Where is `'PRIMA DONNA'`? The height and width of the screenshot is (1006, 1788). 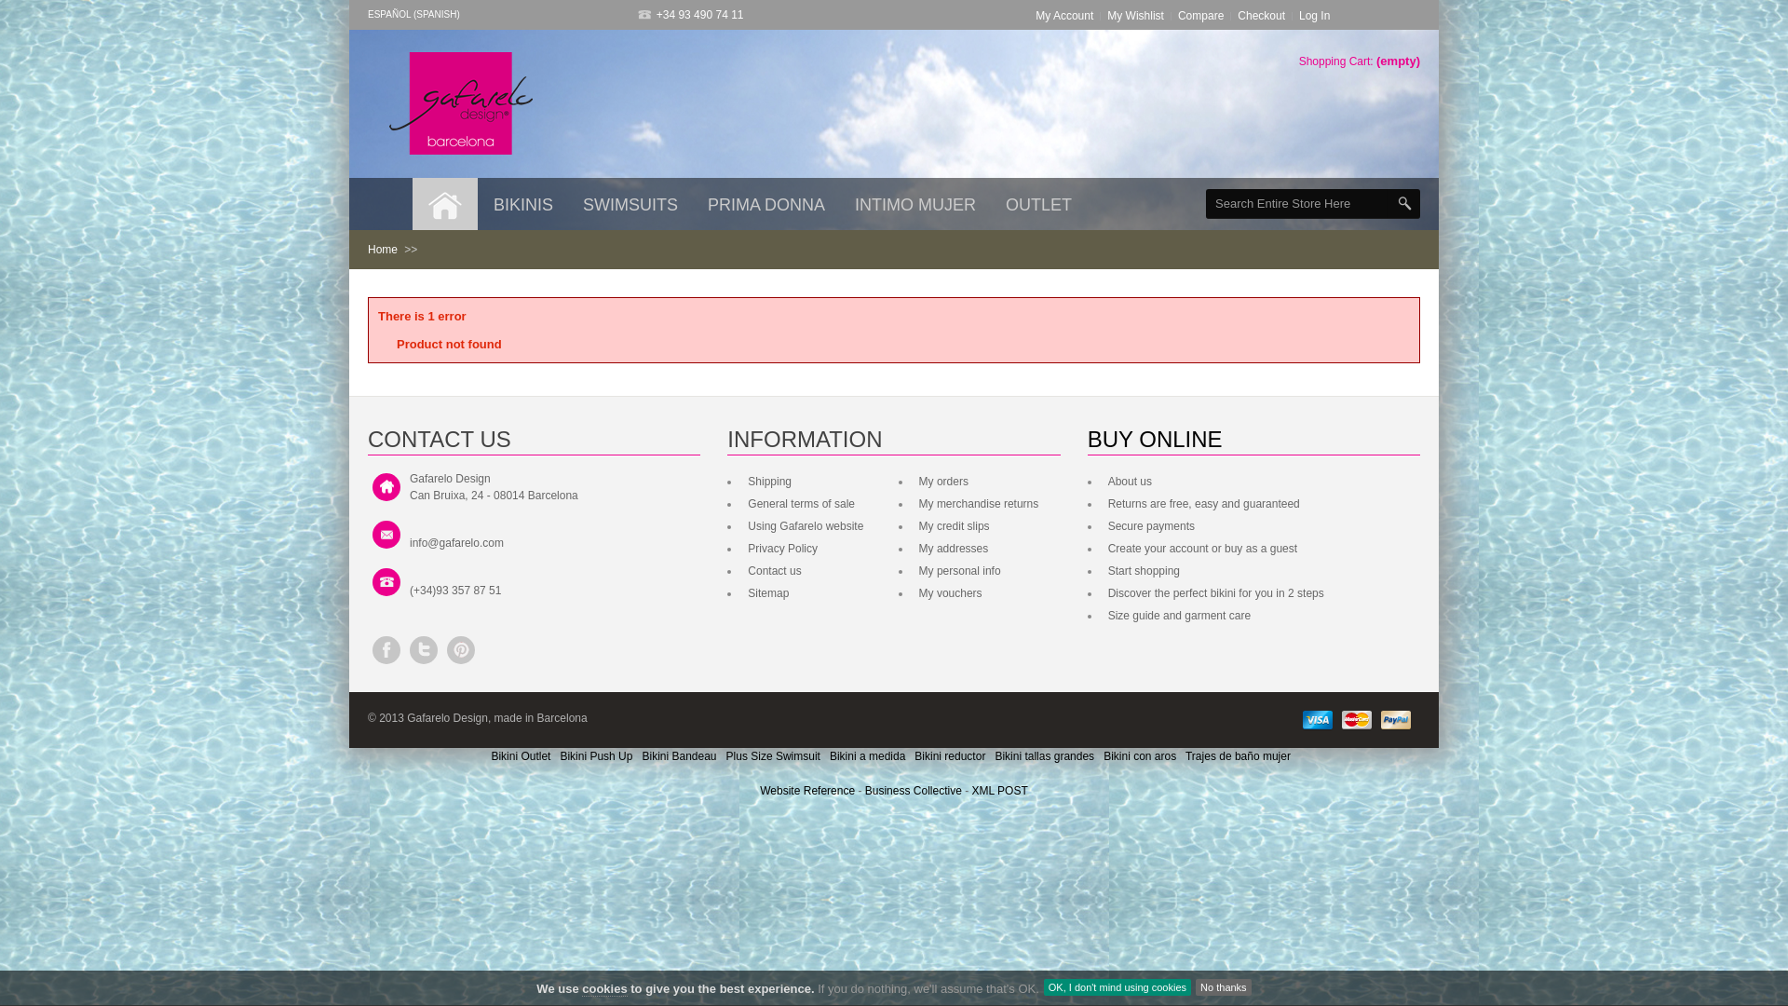
'PRIMA DONNA' is located at coordinates (692, 204).